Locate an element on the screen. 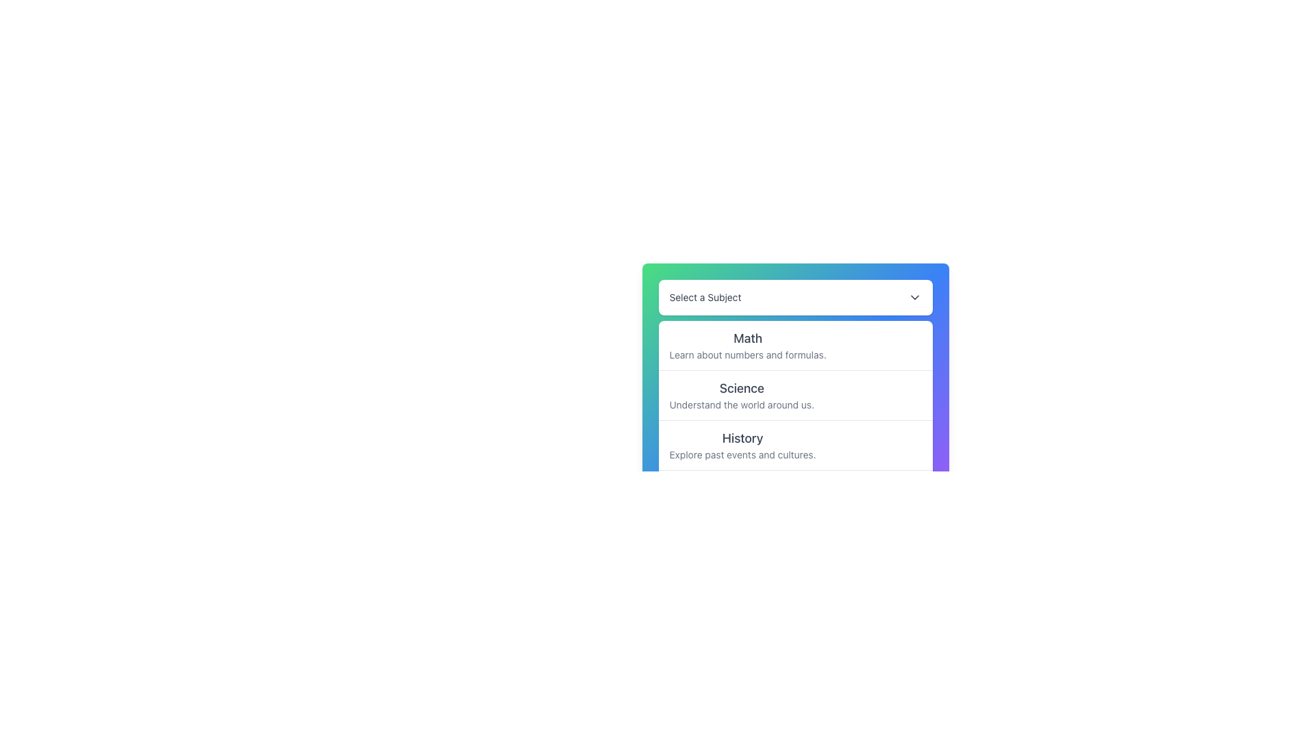  the third option in the vertical list menu, which is located between the 'Science' and 'Art' options is located at coordinates (795, 445).